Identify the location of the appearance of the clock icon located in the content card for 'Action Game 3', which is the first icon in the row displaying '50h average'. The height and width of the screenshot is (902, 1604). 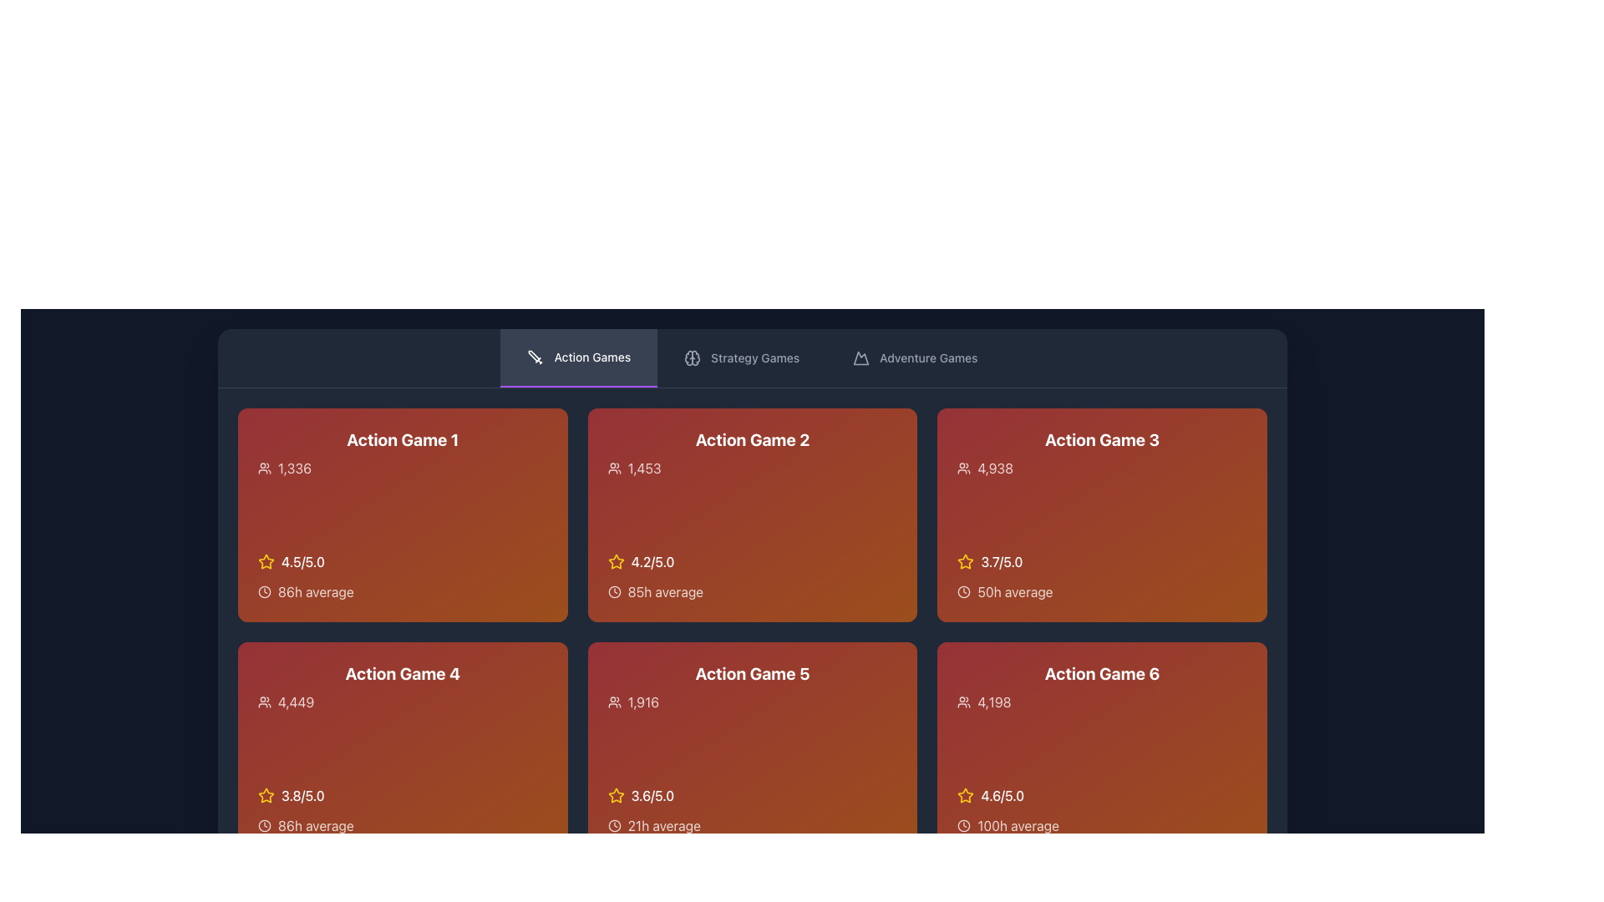
(964, 591).